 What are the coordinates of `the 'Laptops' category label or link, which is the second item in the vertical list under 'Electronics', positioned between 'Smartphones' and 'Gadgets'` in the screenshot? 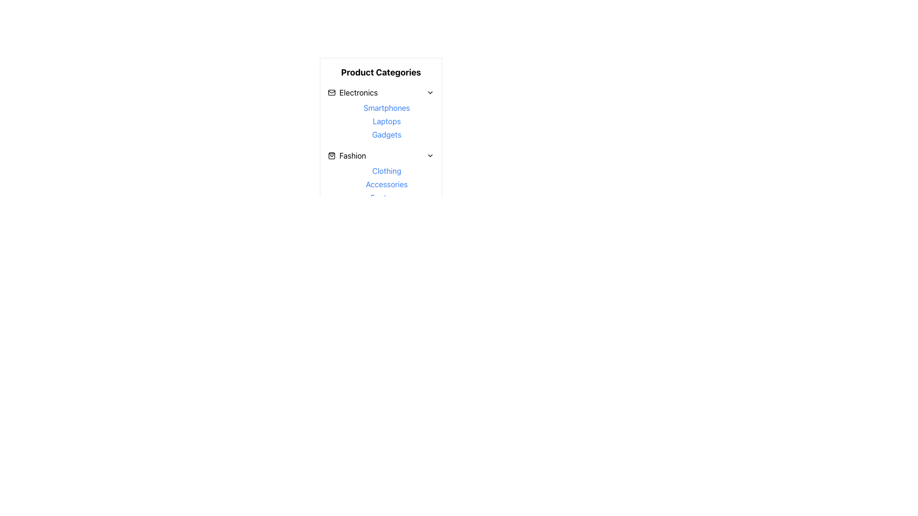 It's located at (387, 121).